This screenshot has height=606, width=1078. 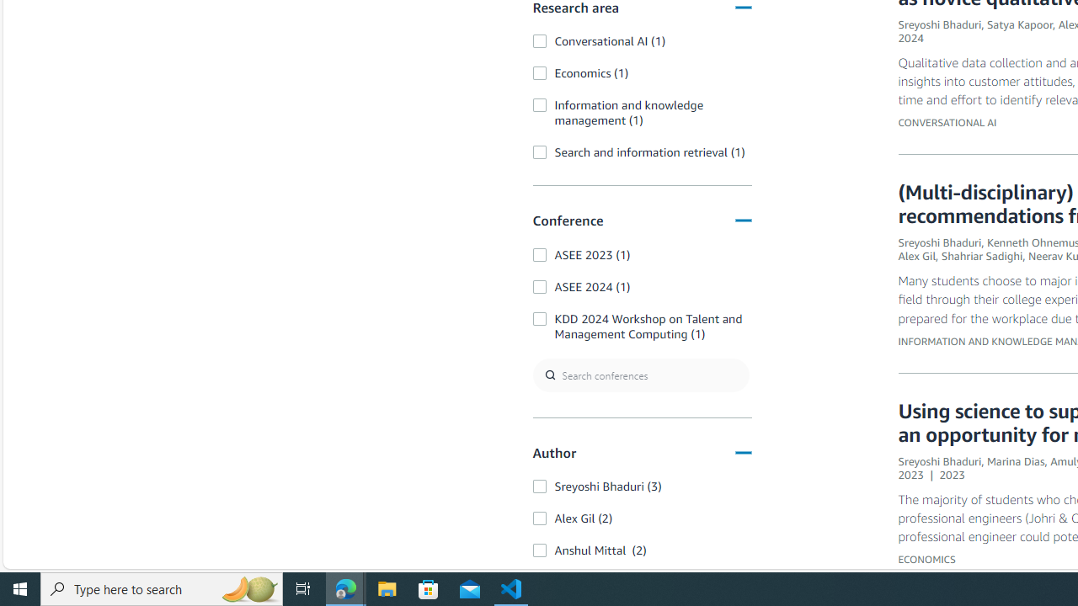 What do you see at coordinates (1018, 24) in the screenshot?
I see `'Satya Kapoor'` at bounding box center [1018, 24].